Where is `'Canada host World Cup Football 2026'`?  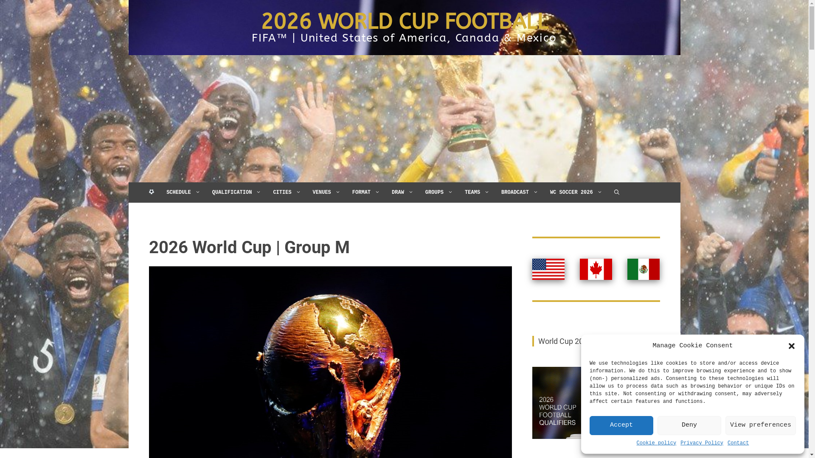 'Canada host World Cup Football 2026' is located at coordinates (595, 269).